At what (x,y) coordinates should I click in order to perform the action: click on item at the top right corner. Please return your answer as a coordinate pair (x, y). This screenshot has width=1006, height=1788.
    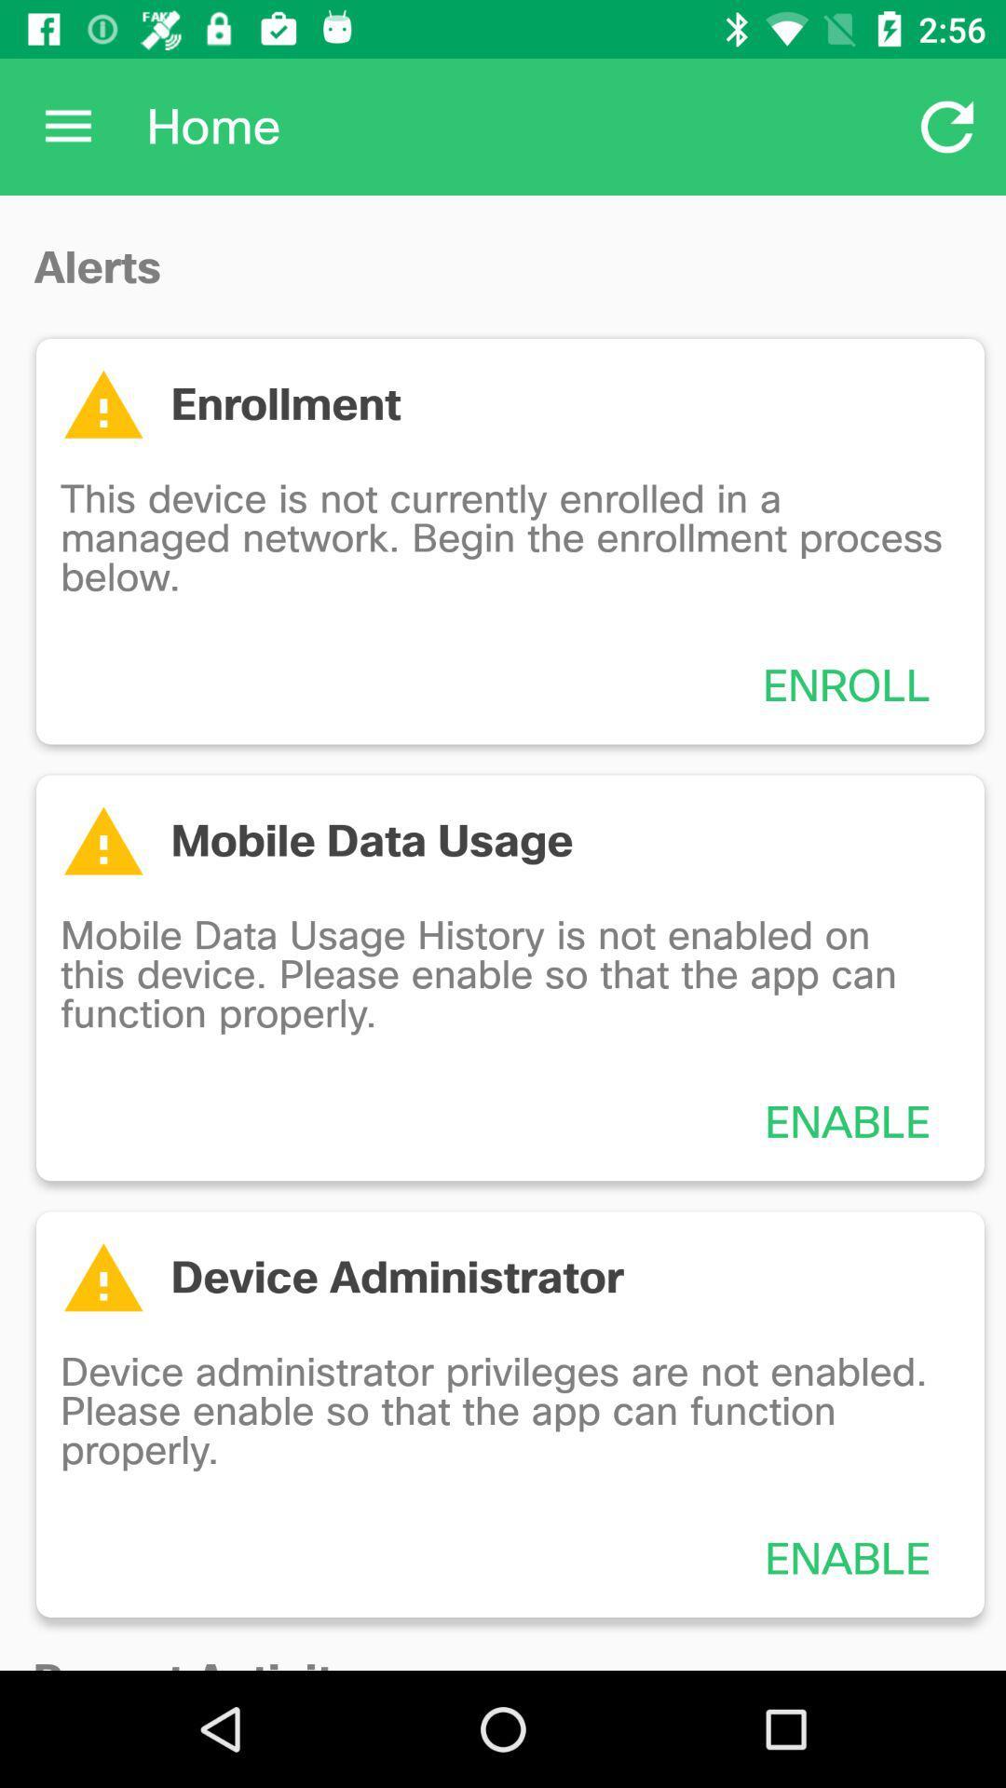
    Looking at the image, I should click on (947, 126).